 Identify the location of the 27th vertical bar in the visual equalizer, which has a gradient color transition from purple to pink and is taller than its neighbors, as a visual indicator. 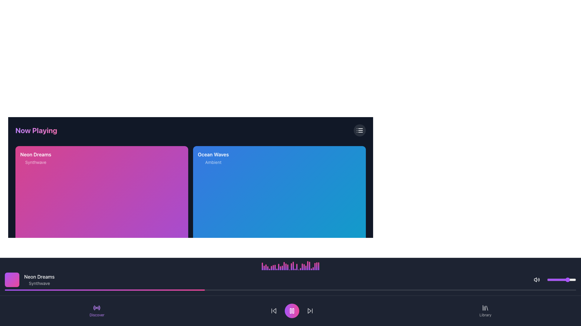
(306, 266).